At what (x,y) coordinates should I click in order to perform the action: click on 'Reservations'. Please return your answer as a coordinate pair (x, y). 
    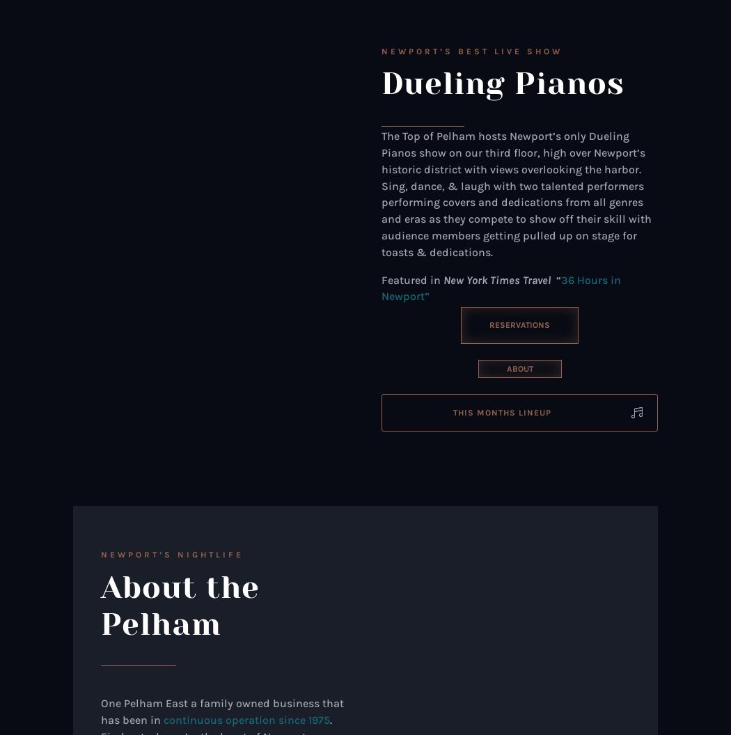
    Looking at the image, I should click on (489, 324).